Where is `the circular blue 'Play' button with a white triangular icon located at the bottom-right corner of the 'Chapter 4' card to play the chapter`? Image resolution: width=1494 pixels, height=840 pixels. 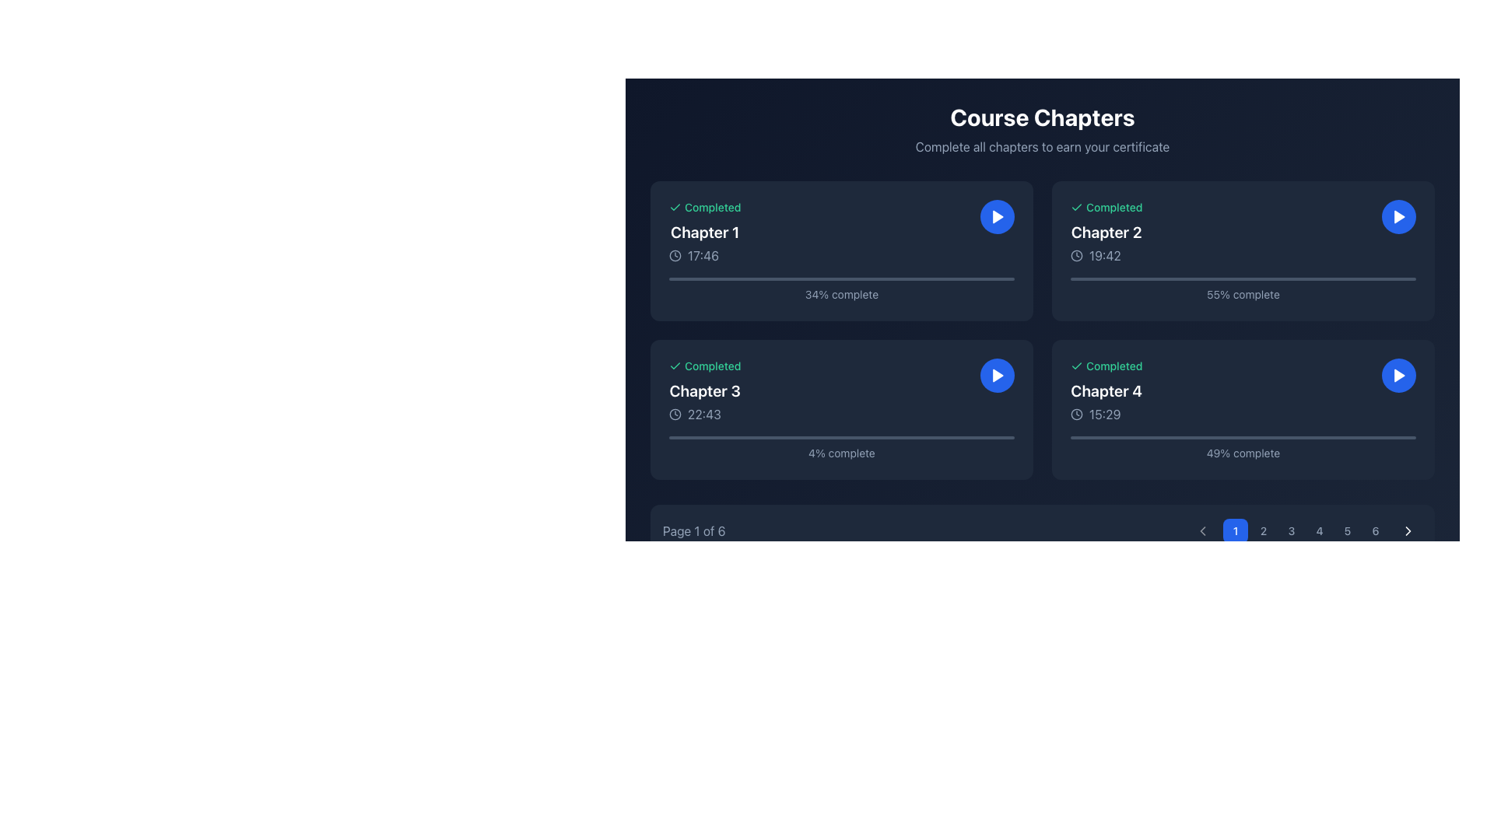
the circular blue 'Play' button with a white triangular icon located at the bottom-right corner of the 'Chapter 4' card to play the chapter is located at coordinates (1399, 375).